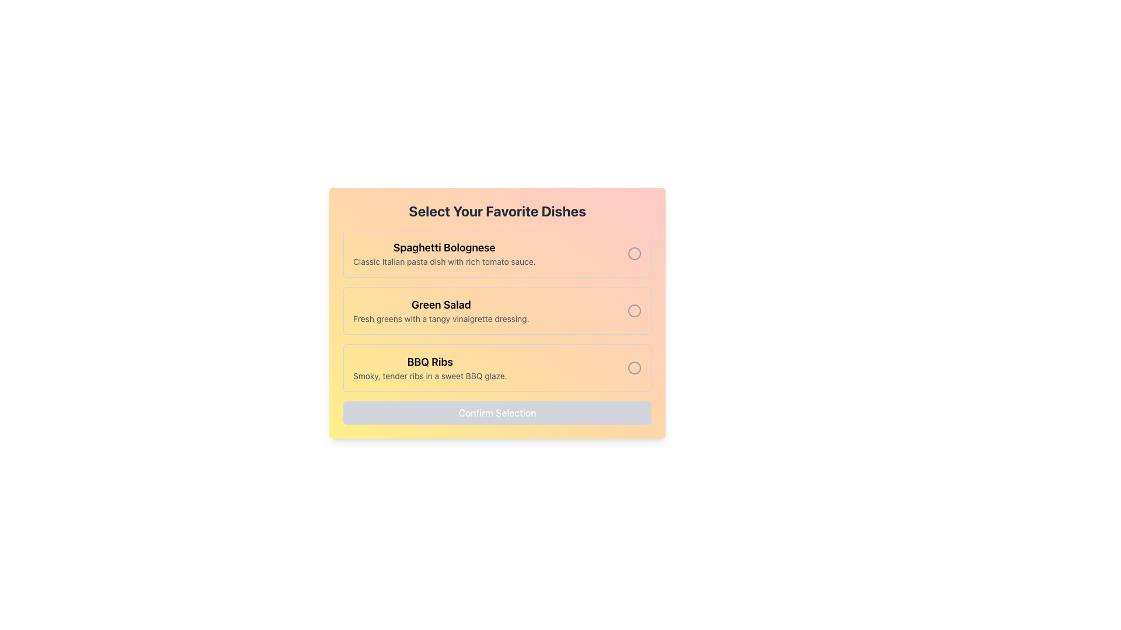 The width and height of the screenshot is (1121, 630). Describe the element at coordinates (497, 310) in the screenshot. I see `the entry 'Green Salad' in the list of selectable options for more details` at that location.